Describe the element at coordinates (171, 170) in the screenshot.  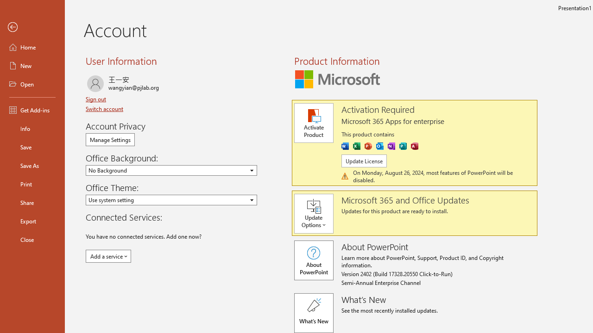
I see `'Office Background'` at that location.